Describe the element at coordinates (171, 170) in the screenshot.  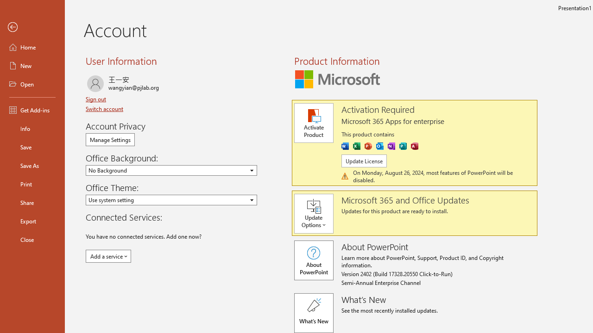
I see `'Office Background'` at that location.